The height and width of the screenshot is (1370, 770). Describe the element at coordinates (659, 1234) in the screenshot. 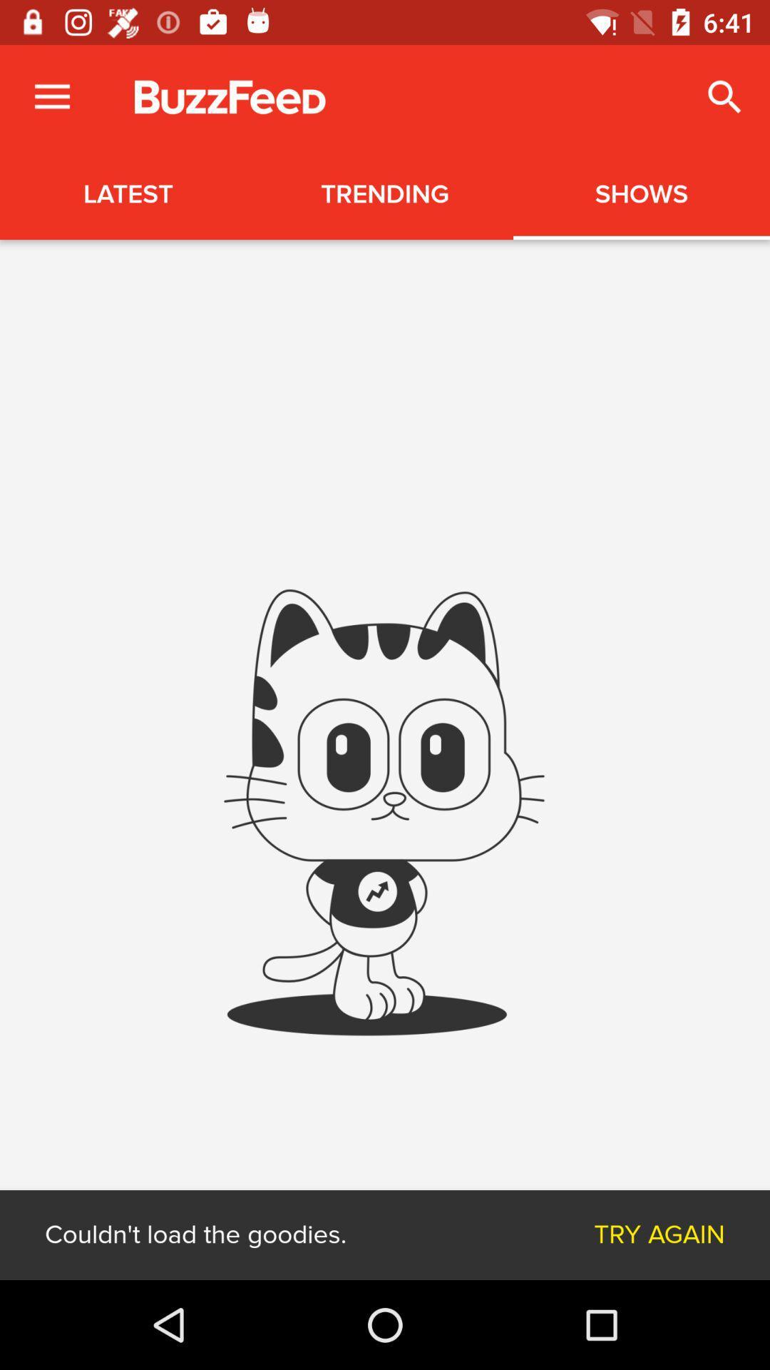

I see `the icon to the right of couldn t load icon` at that location.